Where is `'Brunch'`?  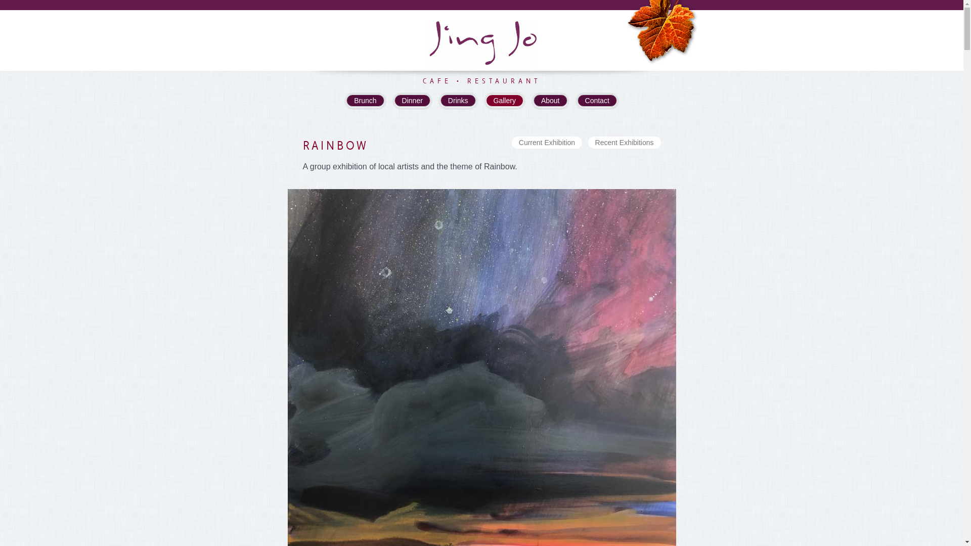 'Brunch' is located at coordinates (364, 101).